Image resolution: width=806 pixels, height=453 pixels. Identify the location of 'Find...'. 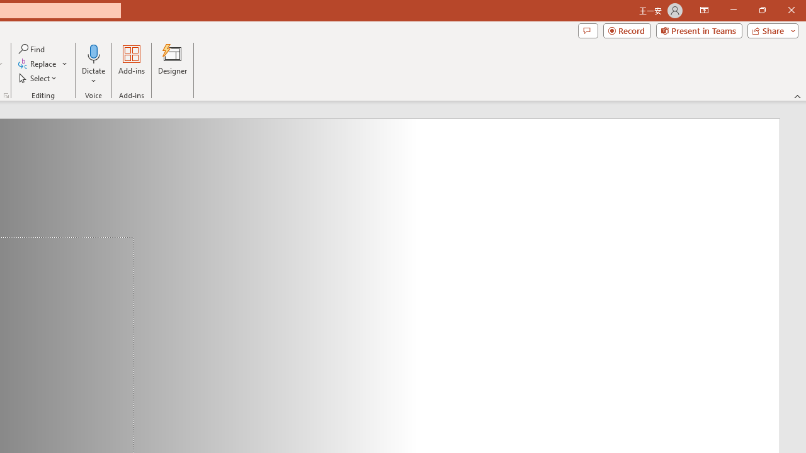
(32, 48).